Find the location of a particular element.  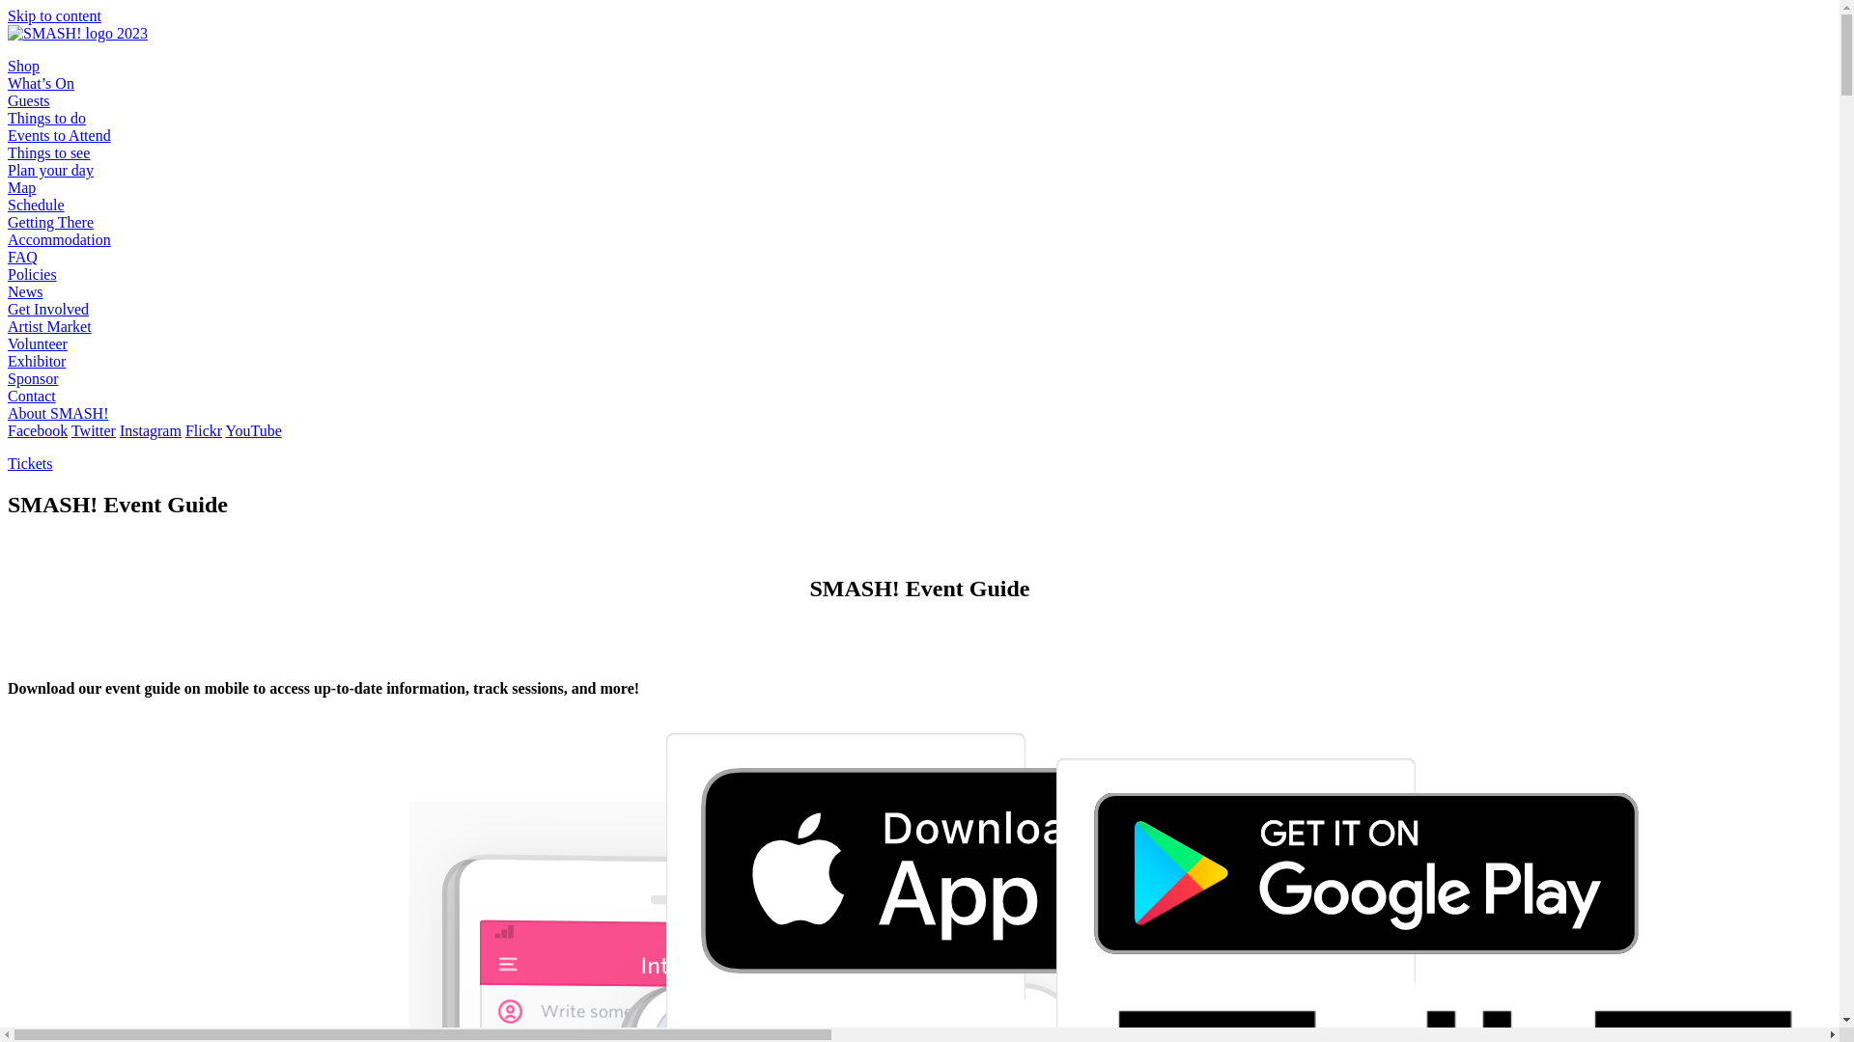

'Get Involved' is located at coordinates (47, 308).